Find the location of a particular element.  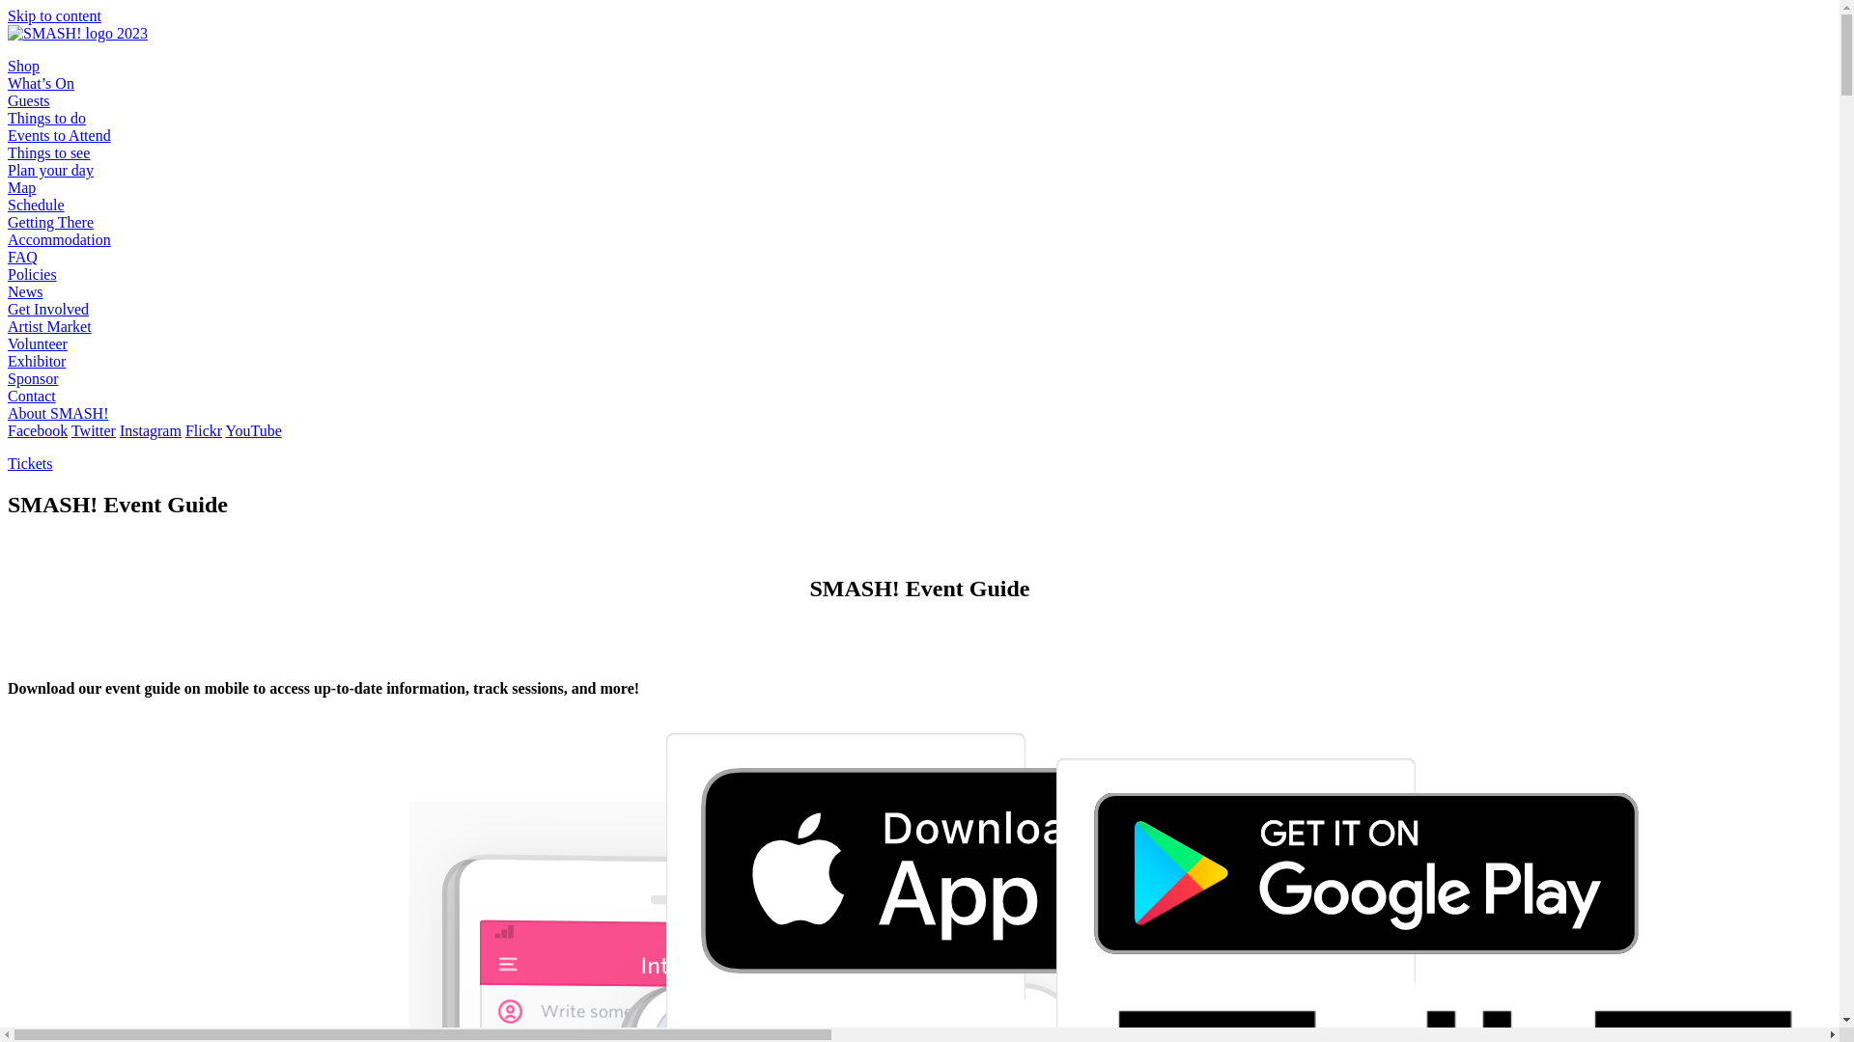

'Get Involved' is located at coordinates (47, 308).